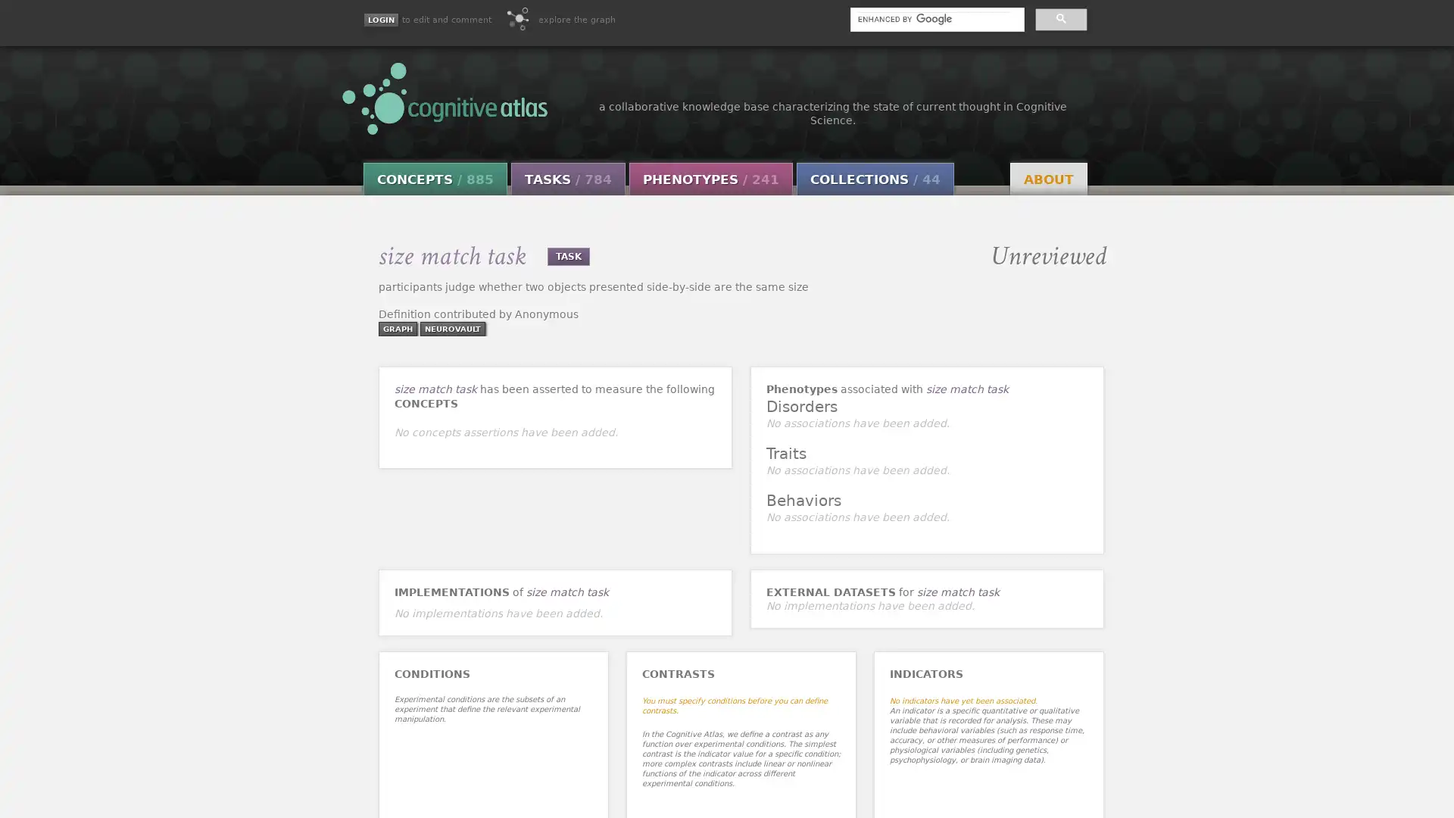 The image size is (1454, 818). Describe the element at coordinates (1059, 18) in the screenshot. I see `search` at that location.